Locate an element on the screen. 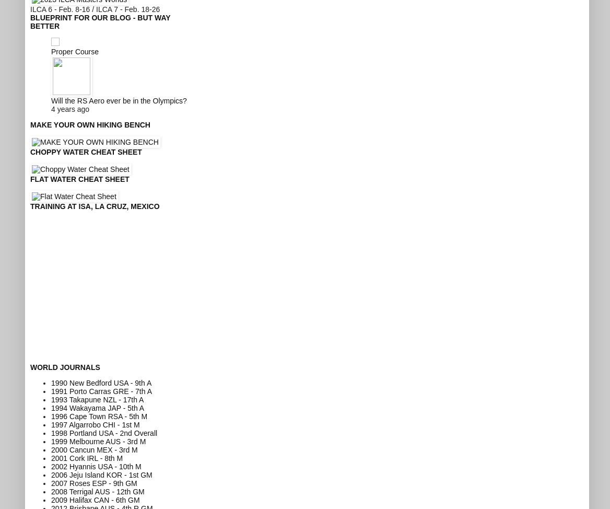 This screenshot has width=610, height=509. '2006 Jeju Island KOR - 1st GM' is located at coordinates (50, 473).